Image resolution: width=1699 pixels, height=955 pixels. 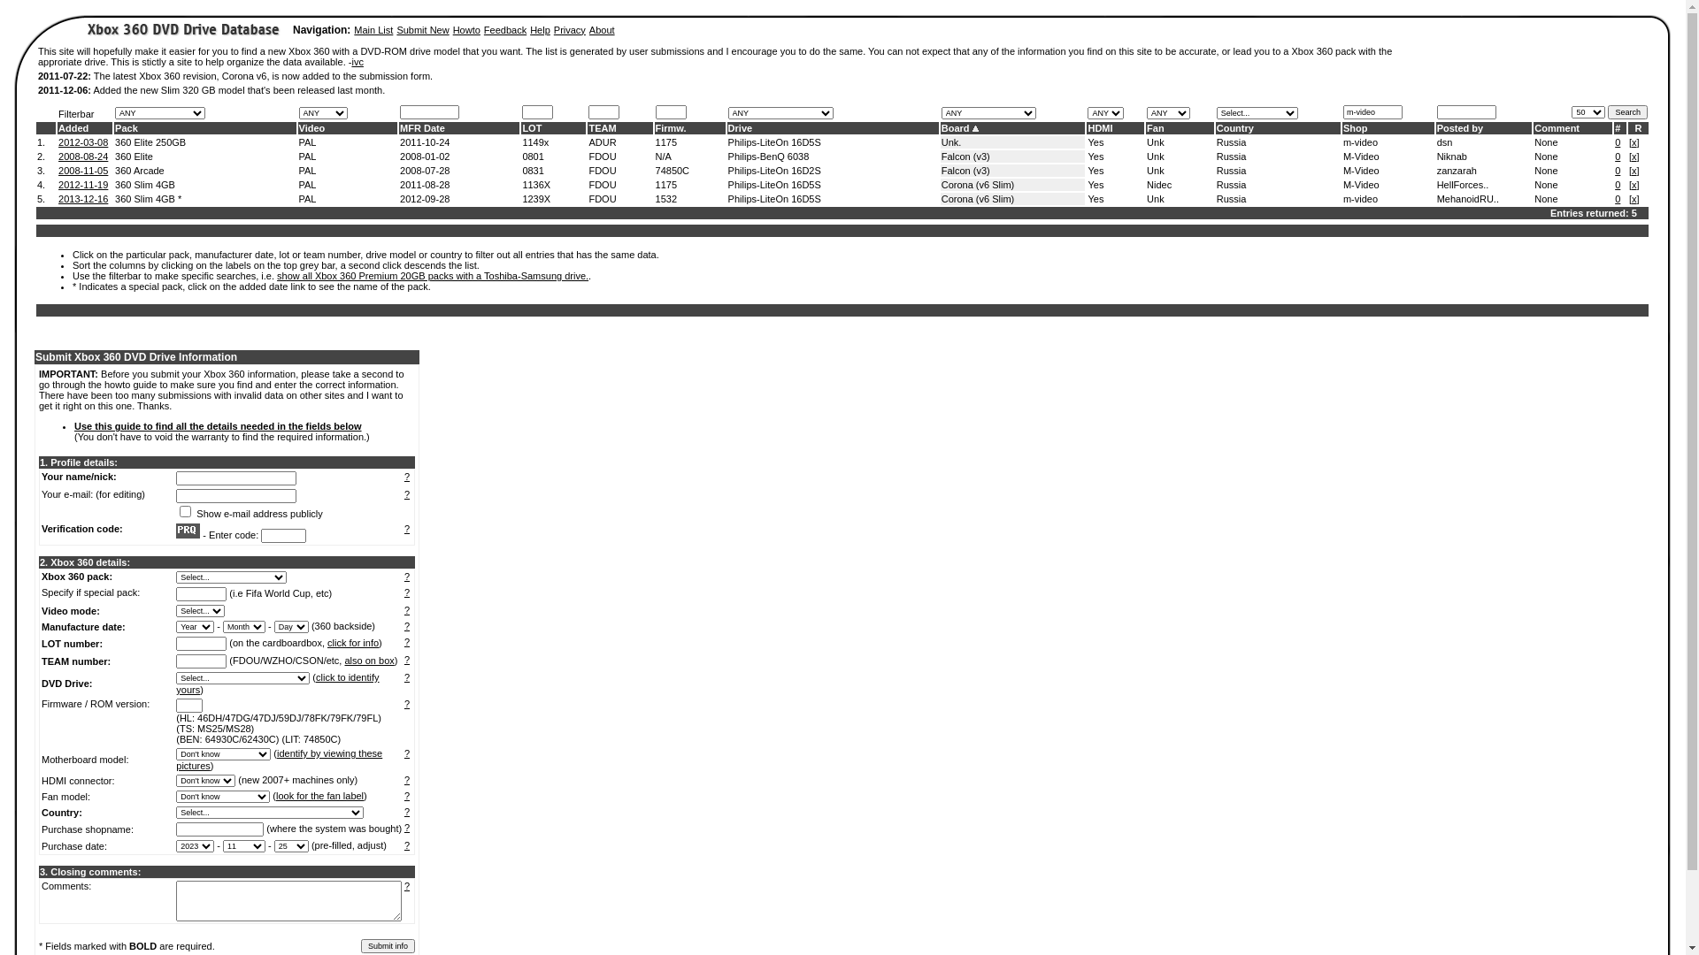 What do you see at coordinates (665, 198) in the screenshot?
I see `'1532'` at bounding box center [665, 198].